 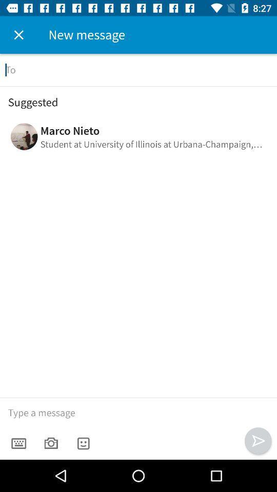 What do you see at coordinates (258, 440) in the screenshot?
I see `the icon at the bottom right corner` at bounding box center [258, 440].